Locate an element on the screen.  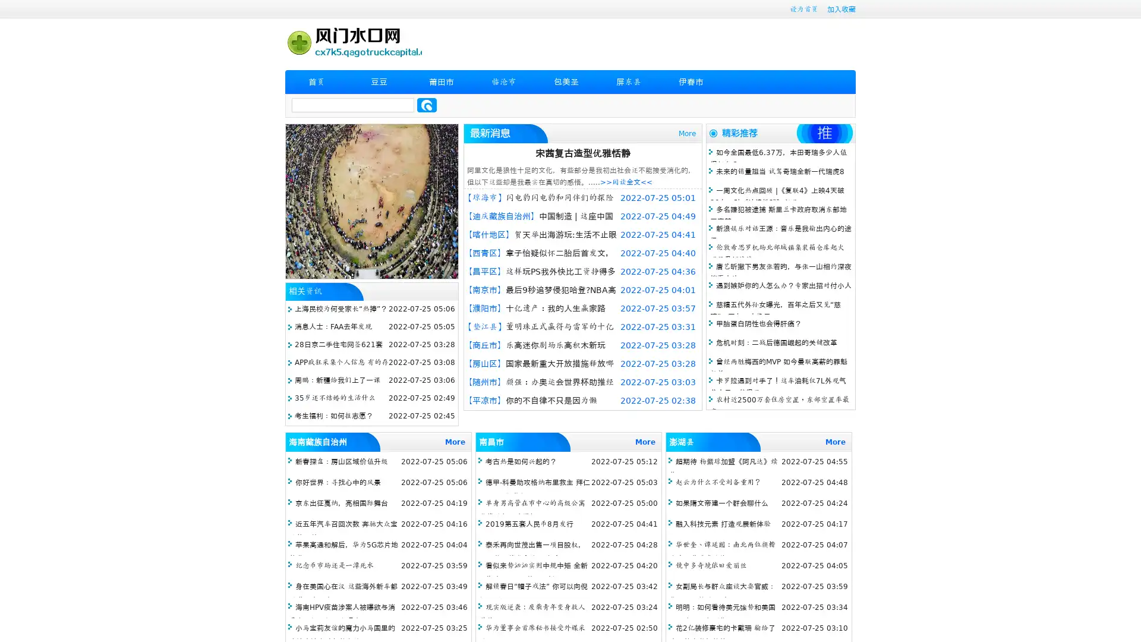
Search is located at coordinates (427, 105).